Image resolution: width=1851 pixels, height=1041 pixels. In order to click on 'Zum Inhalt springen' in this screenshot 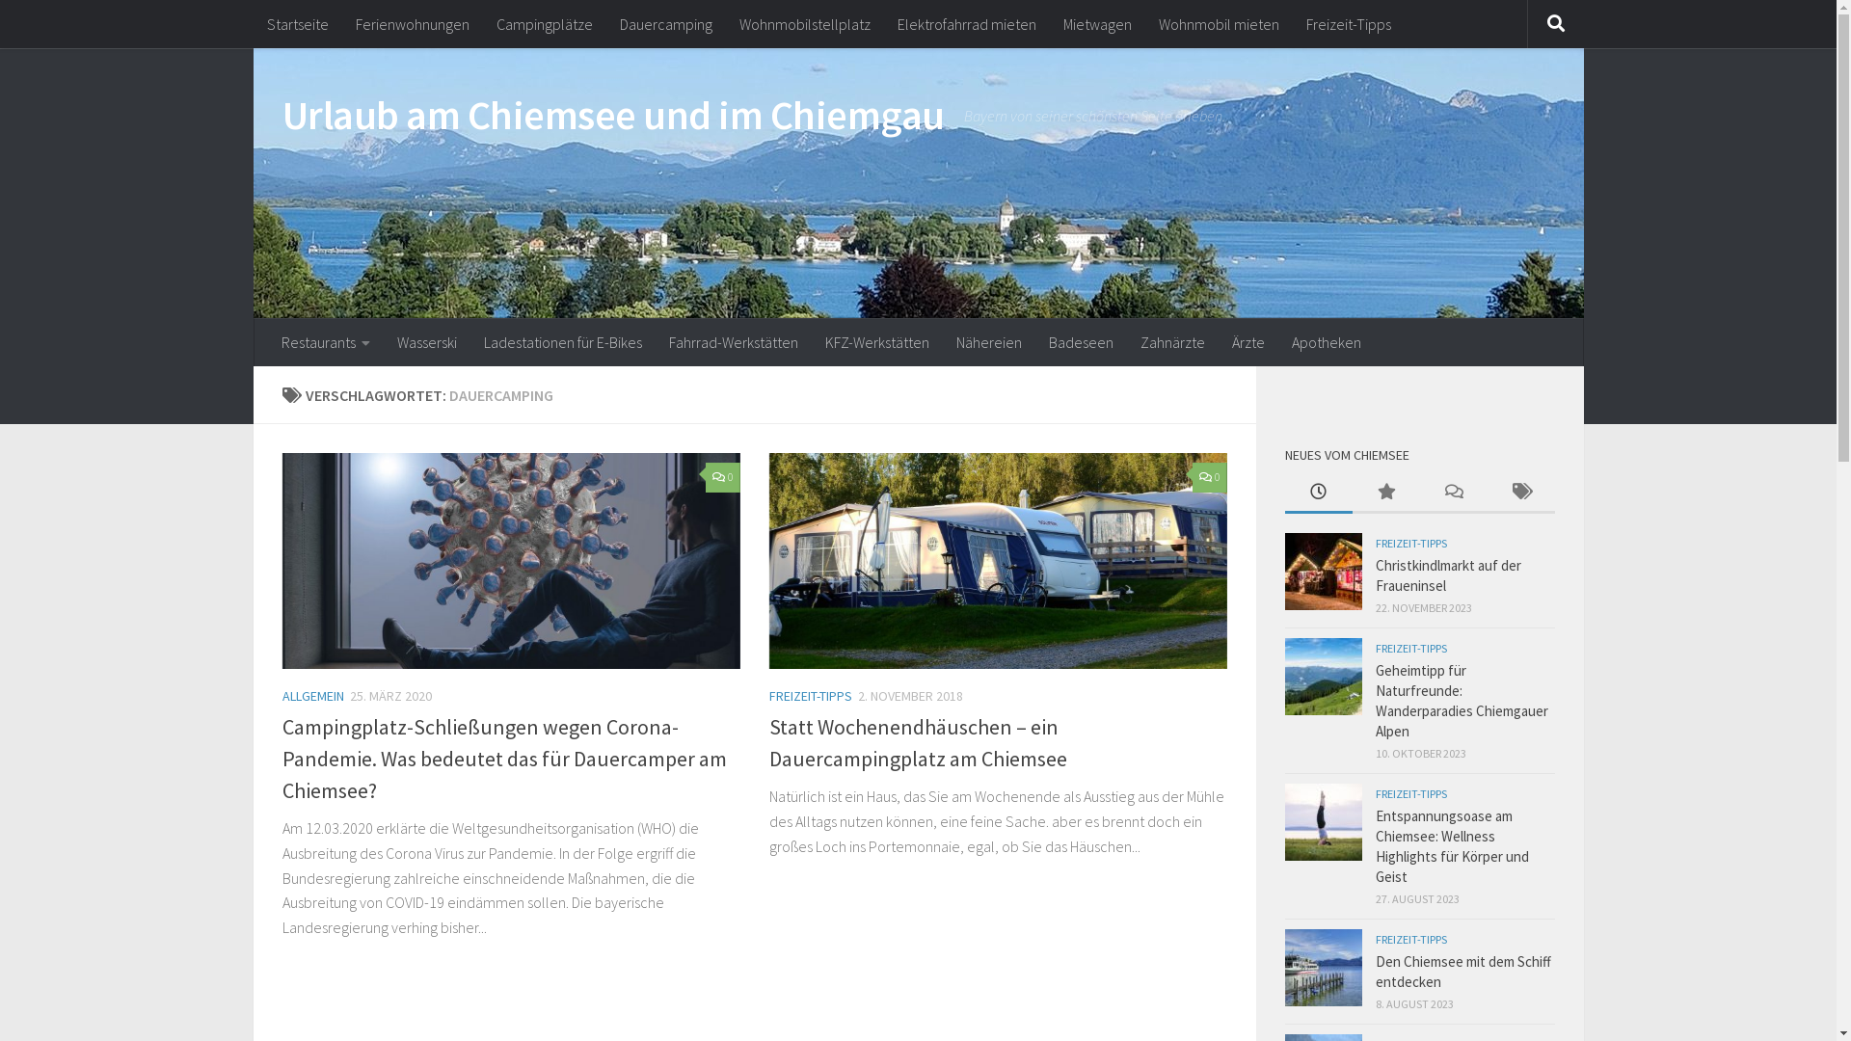, I will do `click(93, 27)`.